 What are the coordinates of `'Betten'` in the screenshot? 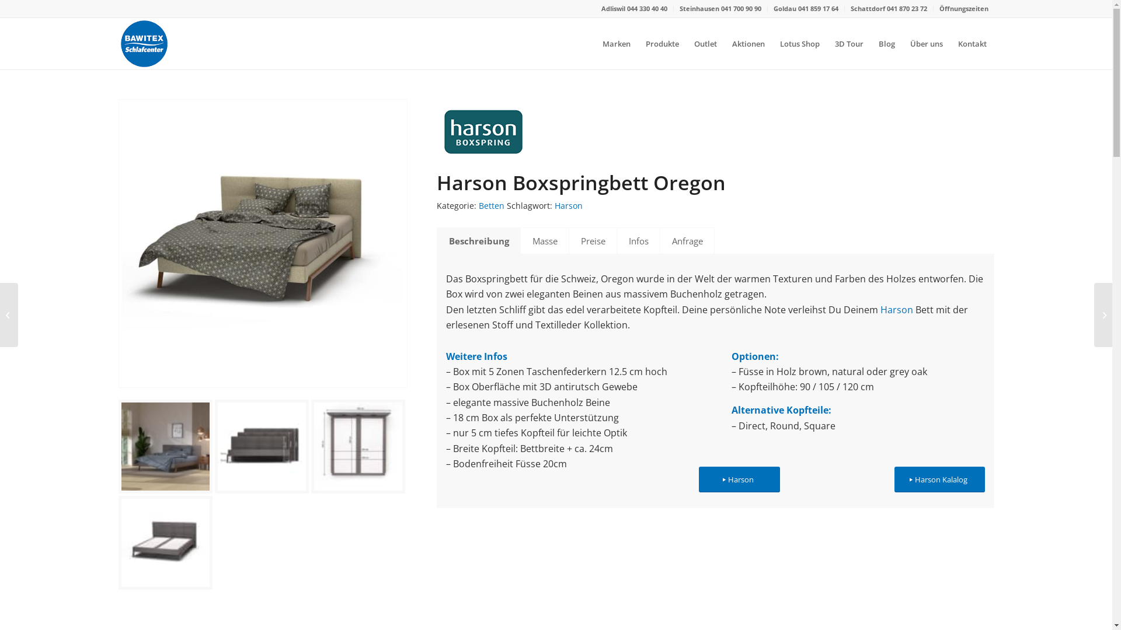 It's located at (491, 205).